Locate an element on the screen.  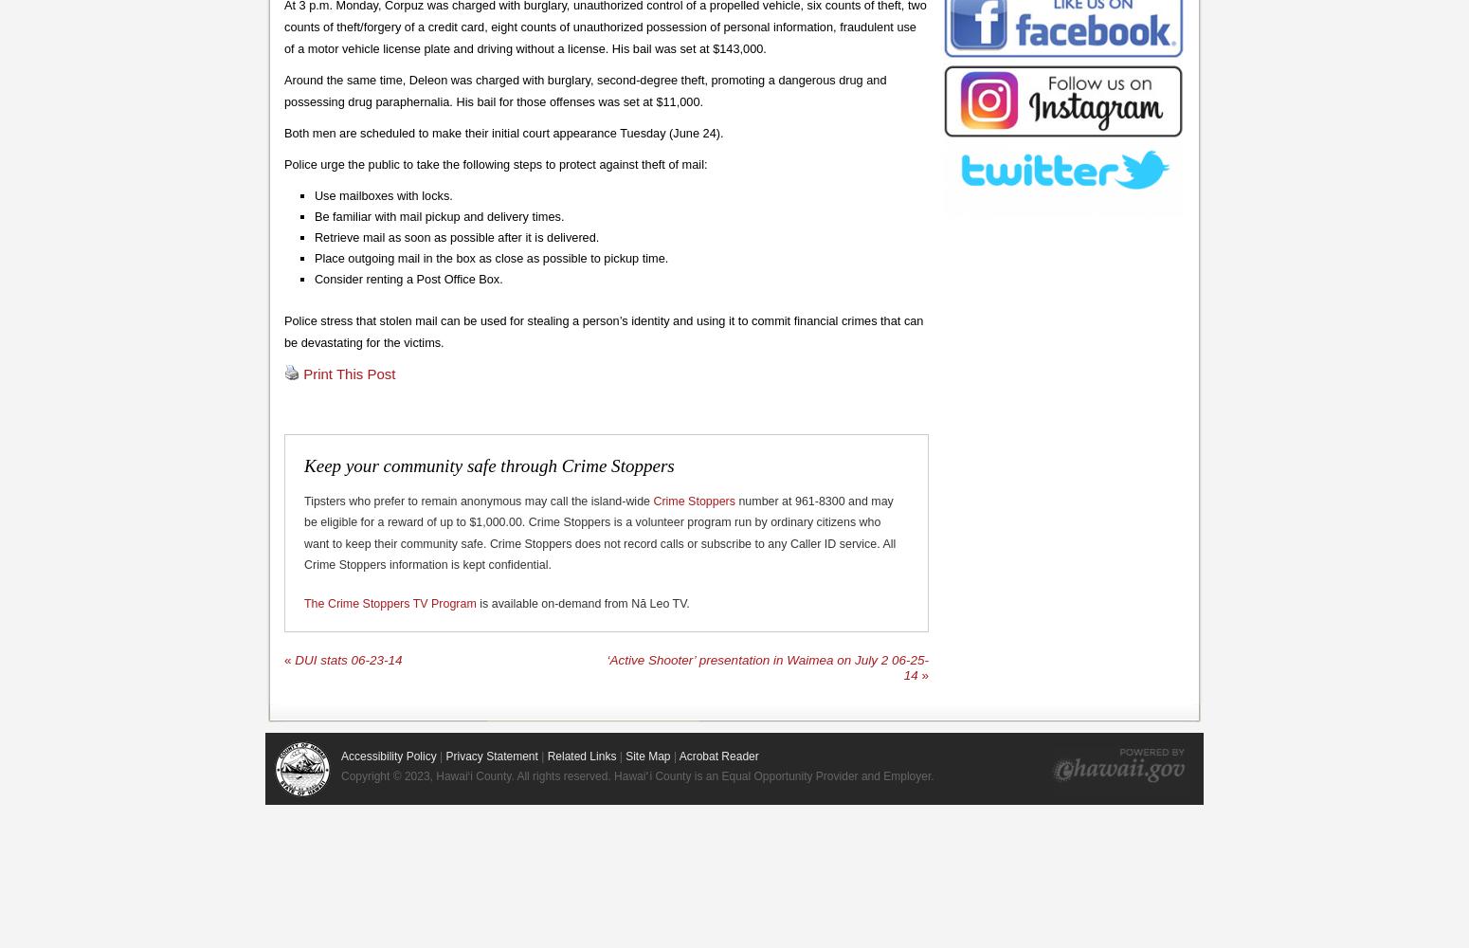
'Acrobat Reader' is located at coordinates (717, 757).